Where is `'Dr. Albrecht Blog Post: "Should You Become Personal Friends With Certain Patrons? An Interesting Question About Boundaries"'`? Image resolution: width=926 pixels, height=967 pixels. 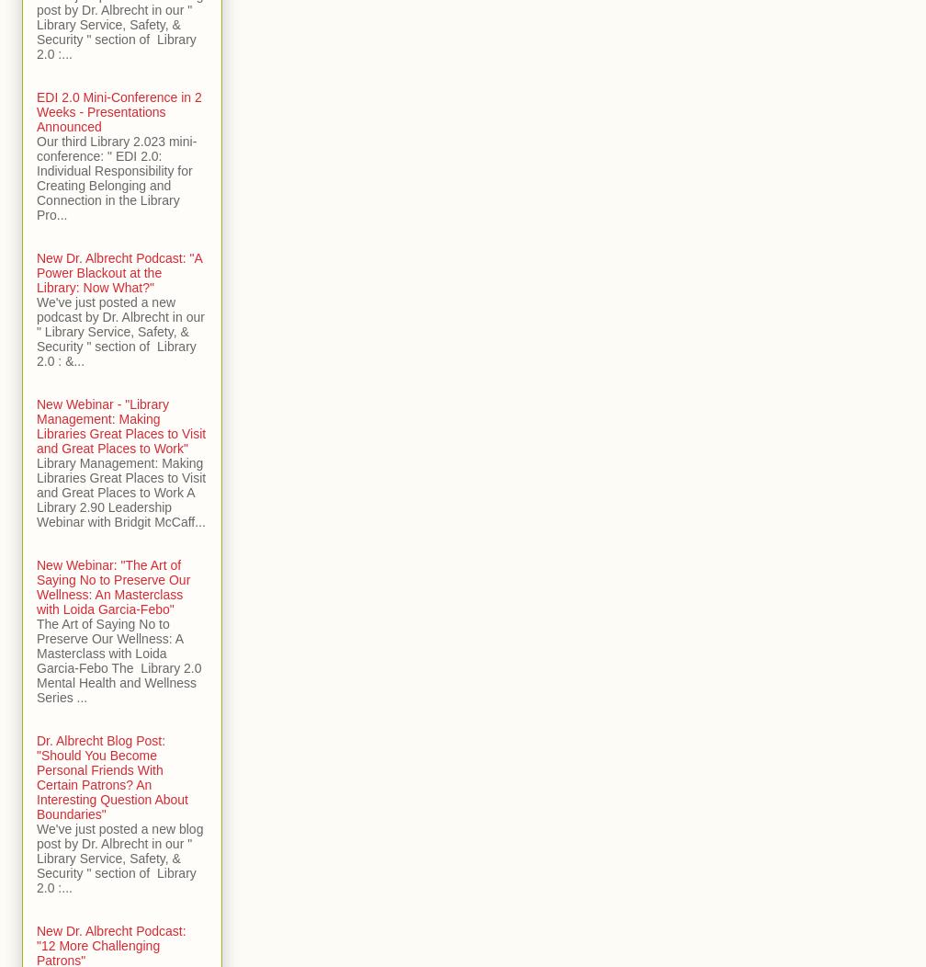 'Dr. Albrecht Blog Post: "Should You Become Personal Friends With Certain Patrons? An Interesting Question About Boundaries"' is located at coordinates (112, 777).